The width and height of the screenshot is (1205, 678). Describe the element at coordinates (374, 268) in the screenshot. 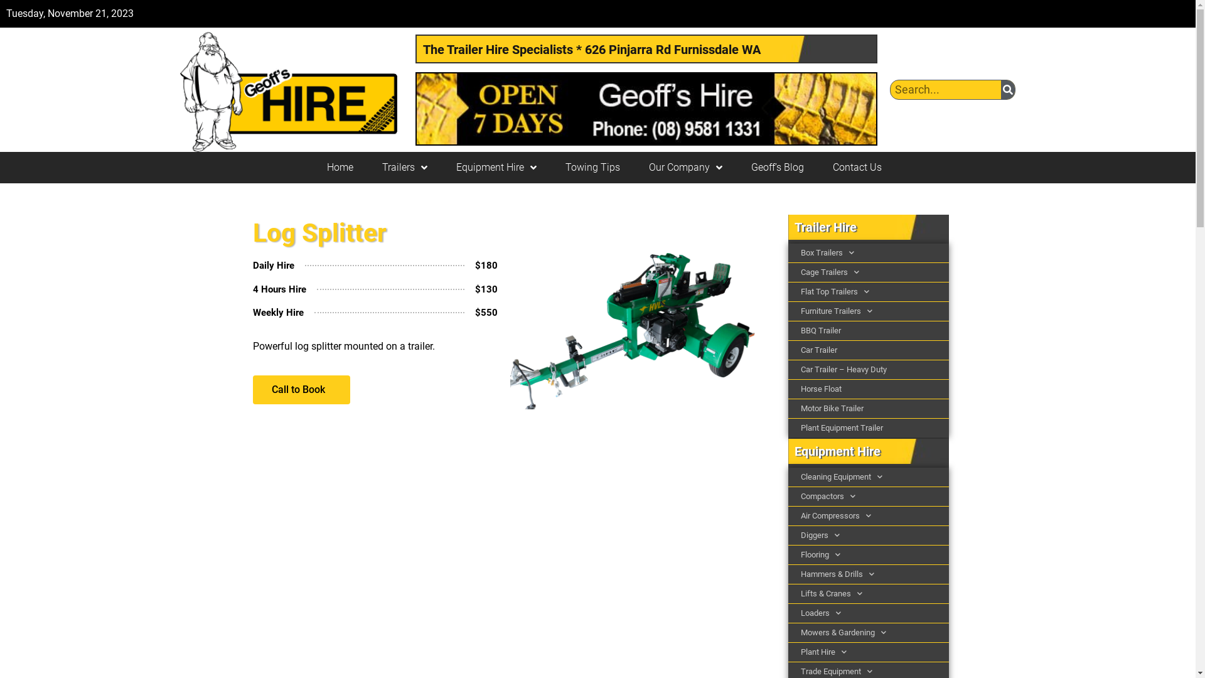

I see `'Daily Hire` at that location.